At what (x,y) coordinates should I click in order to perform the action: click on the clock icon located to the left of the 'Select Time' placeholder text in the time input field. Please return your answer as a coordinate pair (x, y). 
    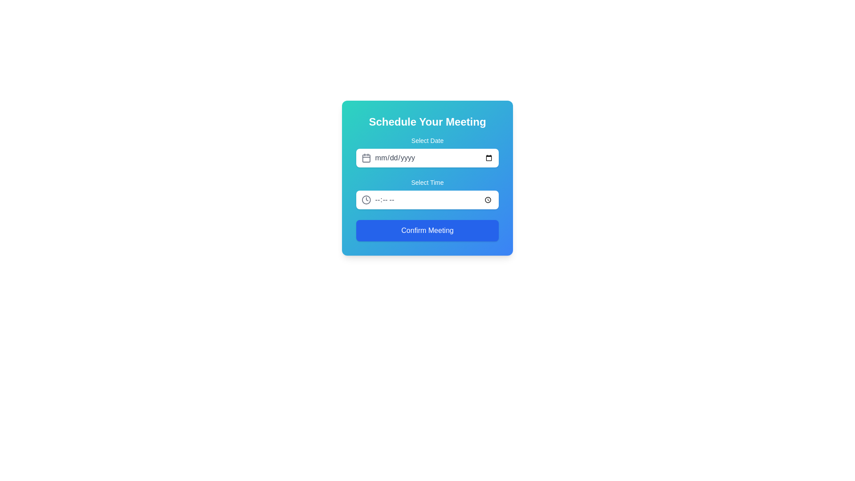
    Looking at the image, I should click on (366, 199).